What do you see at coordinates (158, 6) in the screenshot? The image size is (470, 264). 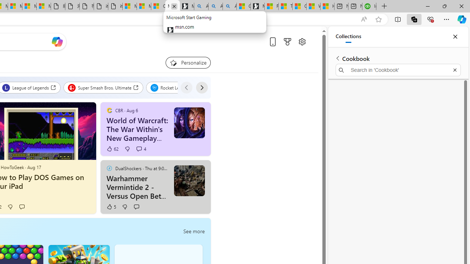 I see `'Consumer Health Data Privacy Policy'` at bounding box center [158, 6].